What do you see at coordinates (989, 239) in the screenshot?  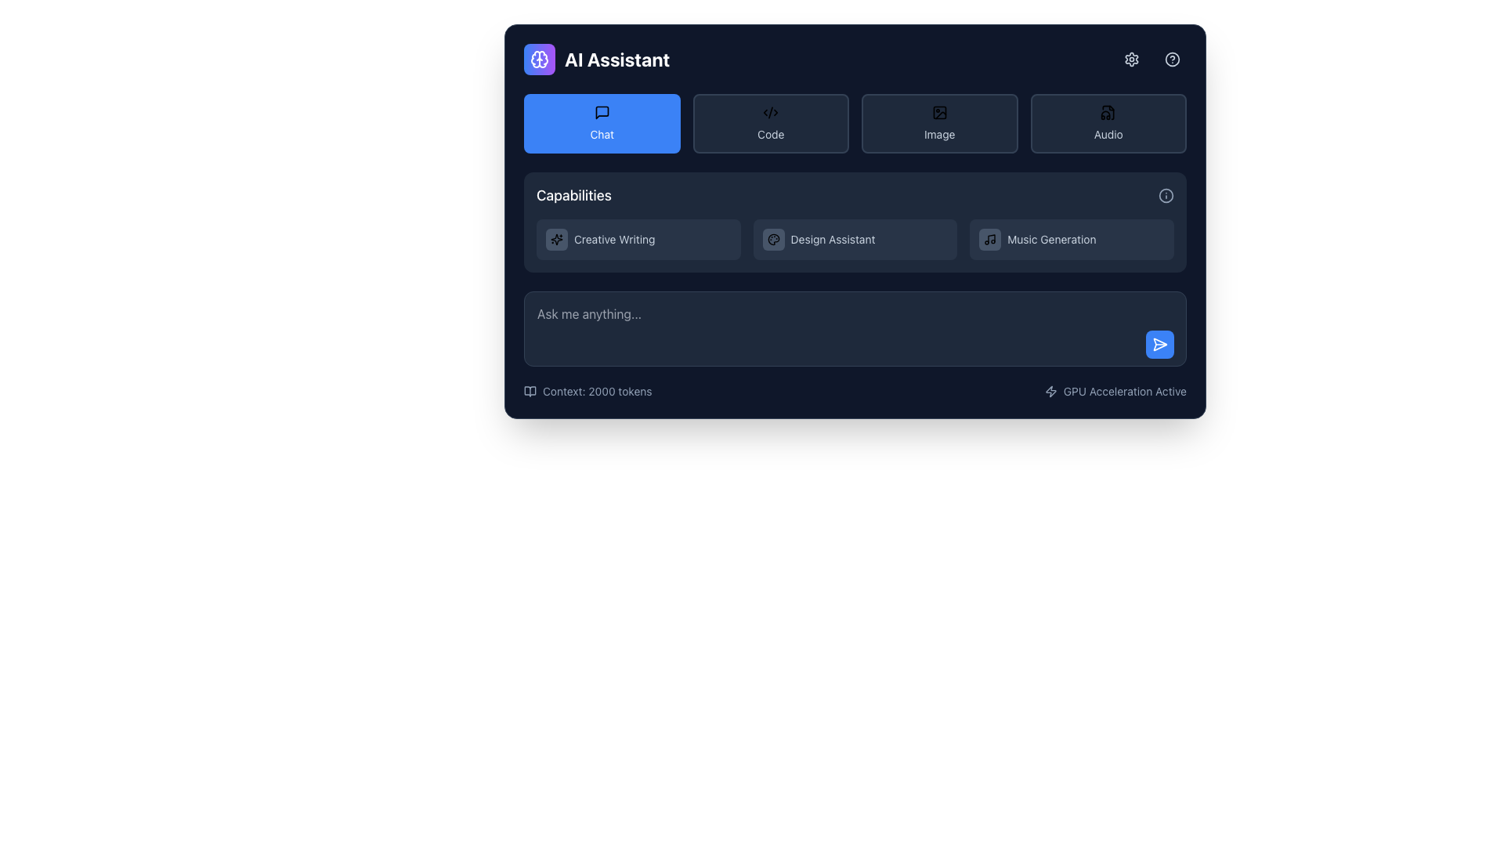 I see `the music note icon with a dark slate-gray background located in the 'Capabilities' section` at bounding box center [989, 239].